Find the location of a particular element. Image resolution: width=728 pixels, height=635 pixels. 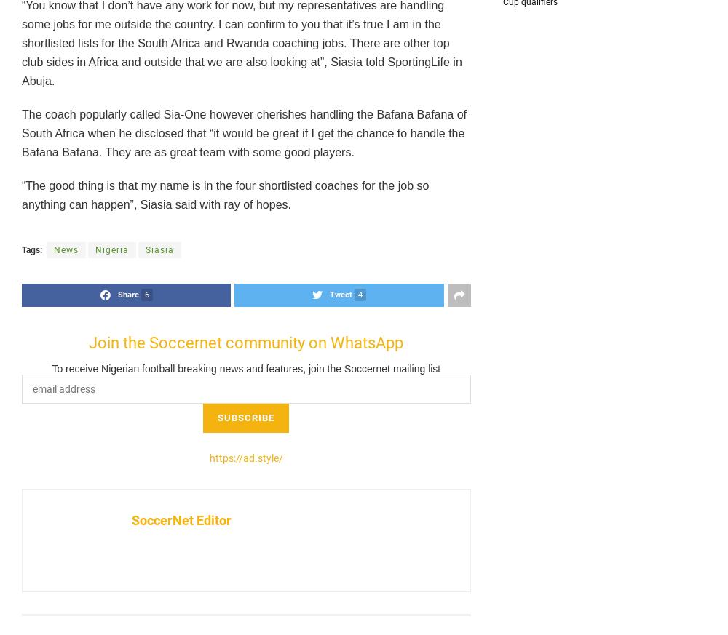

'SoccerNet Editor' is located at coordinates (181, 519).